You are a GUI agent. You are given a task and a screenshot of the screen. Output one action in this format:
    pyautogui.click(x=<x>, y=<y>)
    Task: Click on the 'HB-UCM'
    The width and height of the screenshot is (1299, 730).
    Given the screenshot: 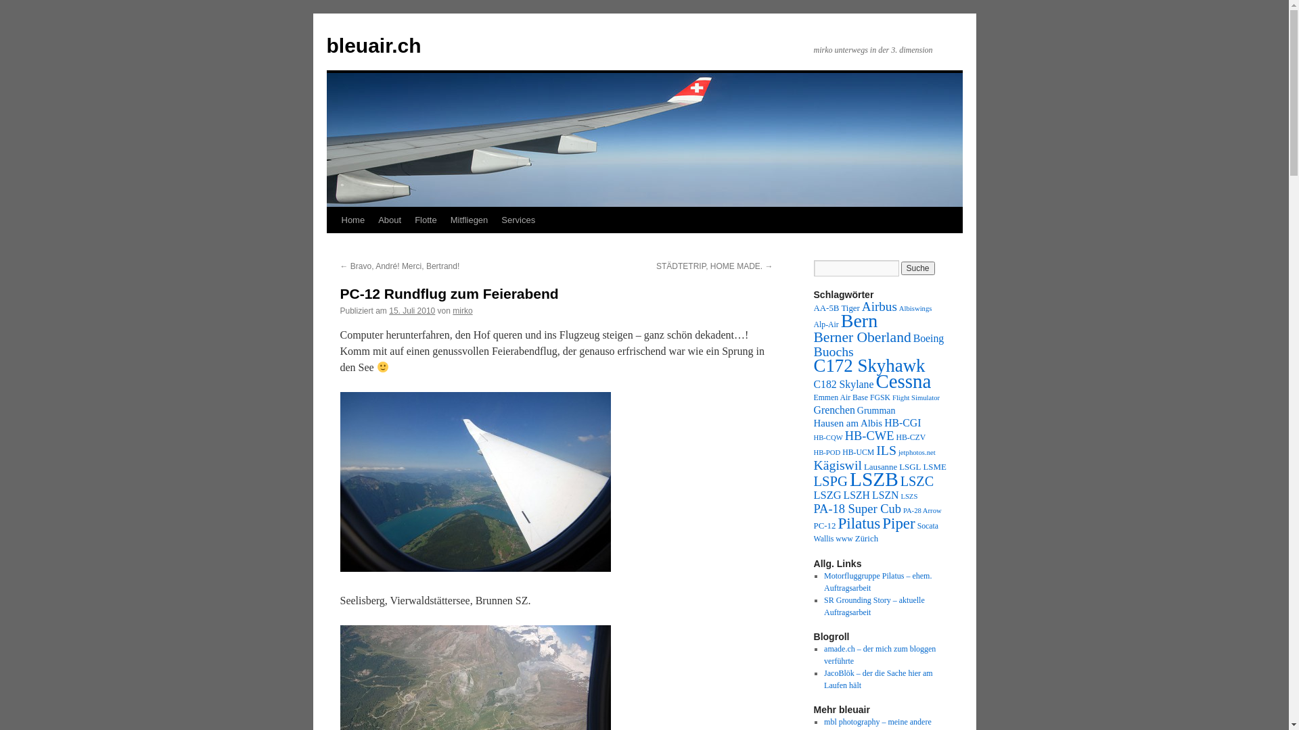 What is the action you would take?
    pyautogui.click(x=857, y=452)
    